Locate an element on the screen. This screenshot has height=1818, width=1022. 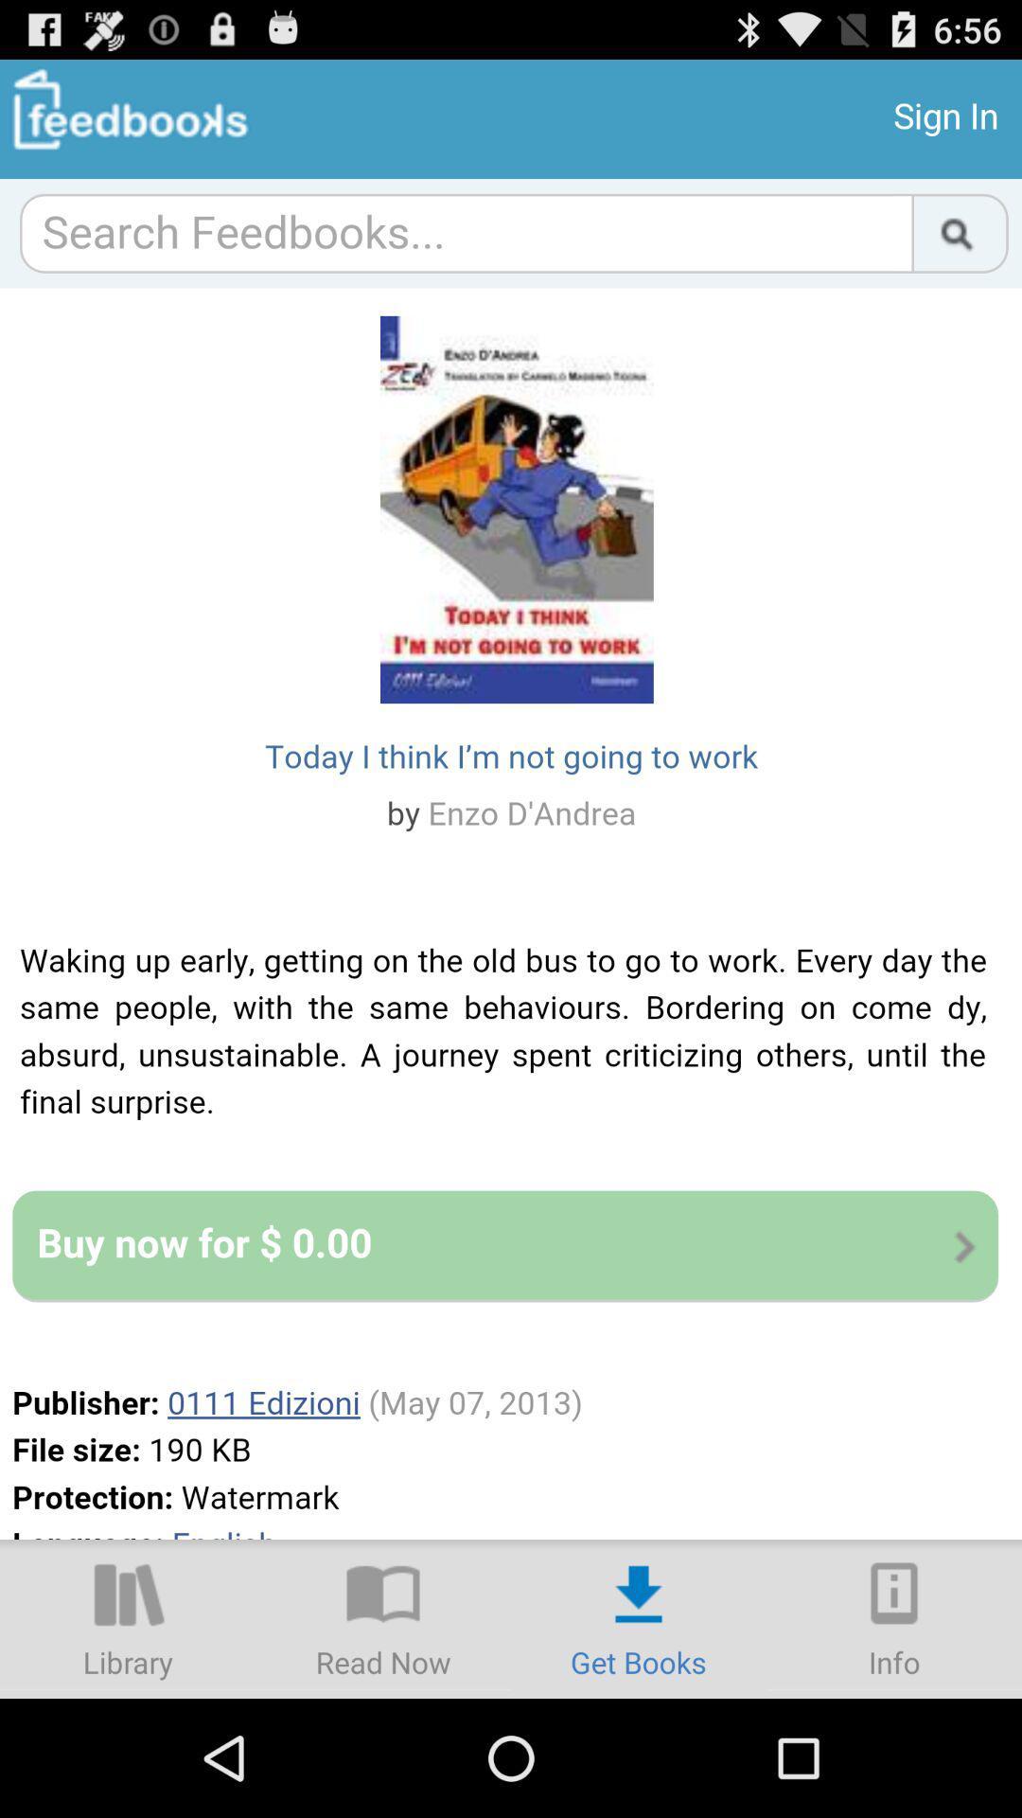
more details is located at coordinates (894, 1617).